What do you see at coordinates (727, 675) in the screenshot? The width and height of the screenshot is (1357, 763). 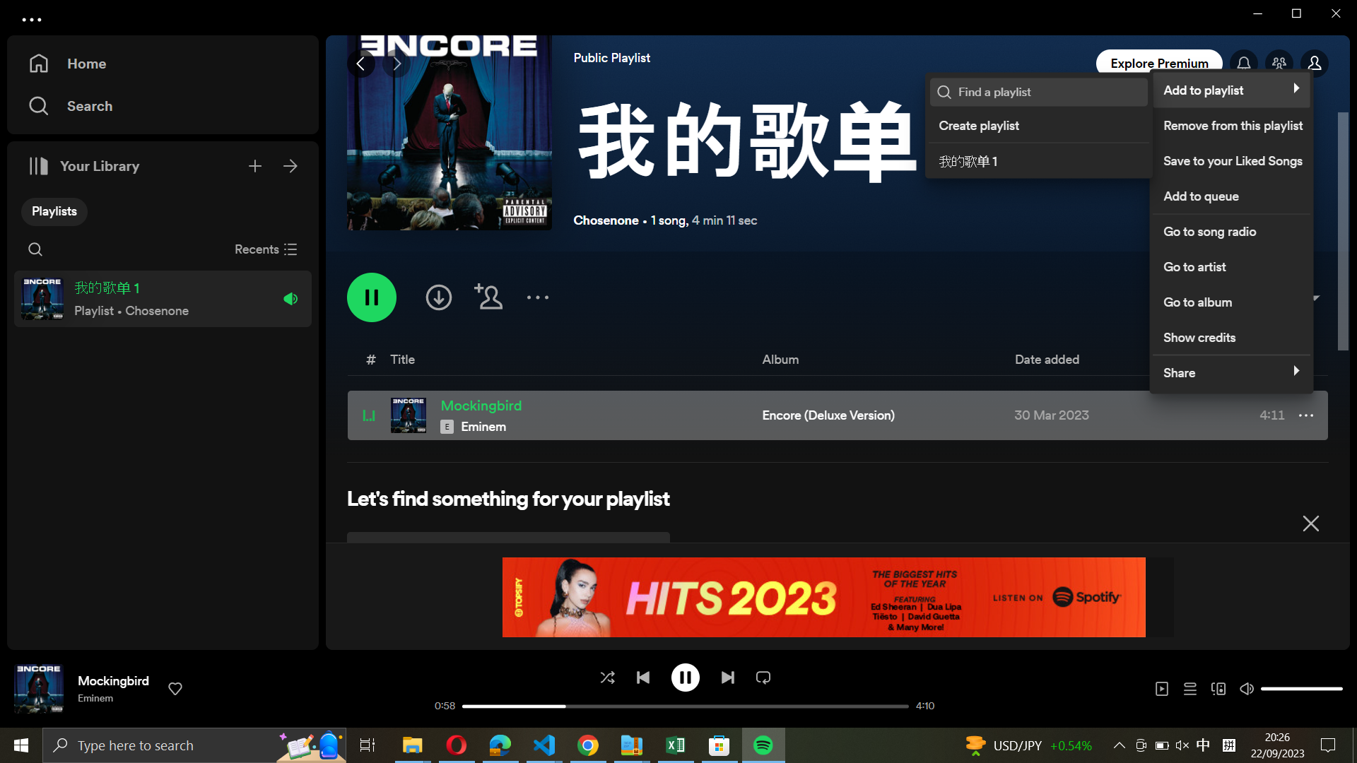 I see `the song"s finale` at bounding box center [727, 675].